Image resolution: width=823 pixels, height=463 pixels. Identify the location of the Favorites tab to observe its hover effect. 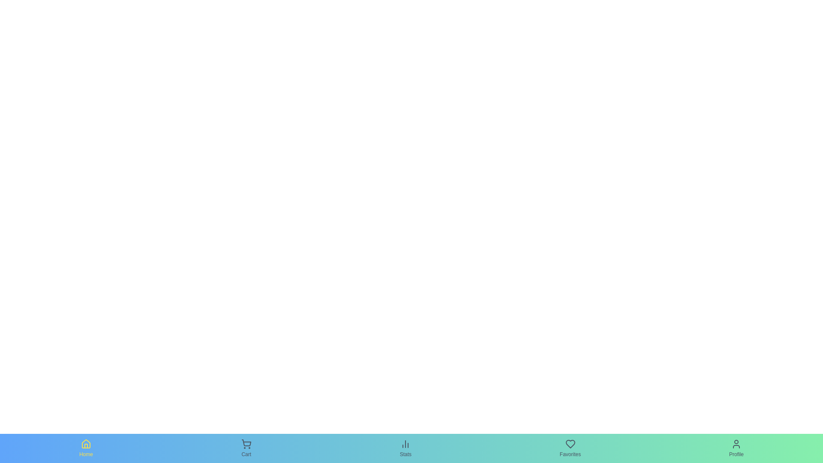
(570, 448).